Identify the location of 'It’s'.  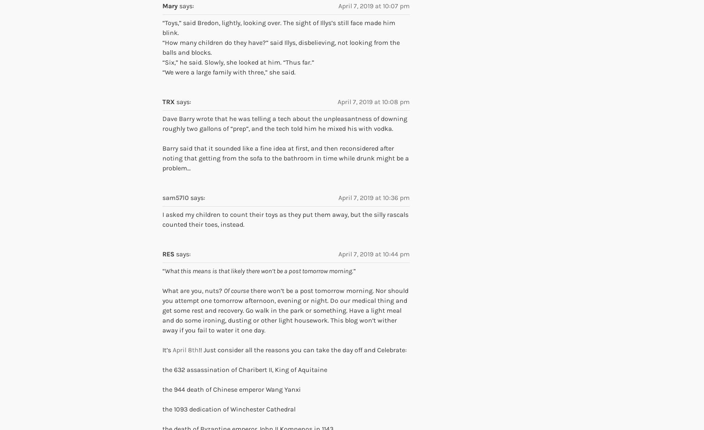
(167, 349).